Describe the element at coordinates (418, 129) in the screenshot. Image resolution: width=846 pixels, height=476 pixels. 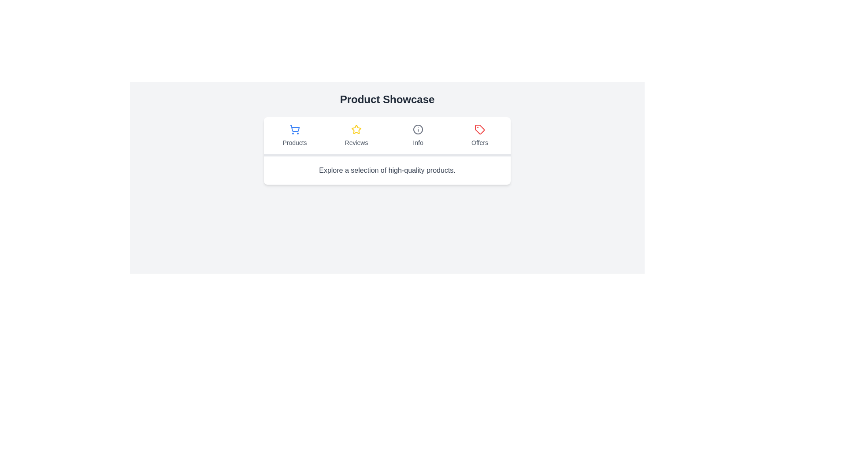
I see `the 'Info' icon, a circular shape located within the third interactive button from the left in the horizontal row of options at the center-top of the card interface` at that location.